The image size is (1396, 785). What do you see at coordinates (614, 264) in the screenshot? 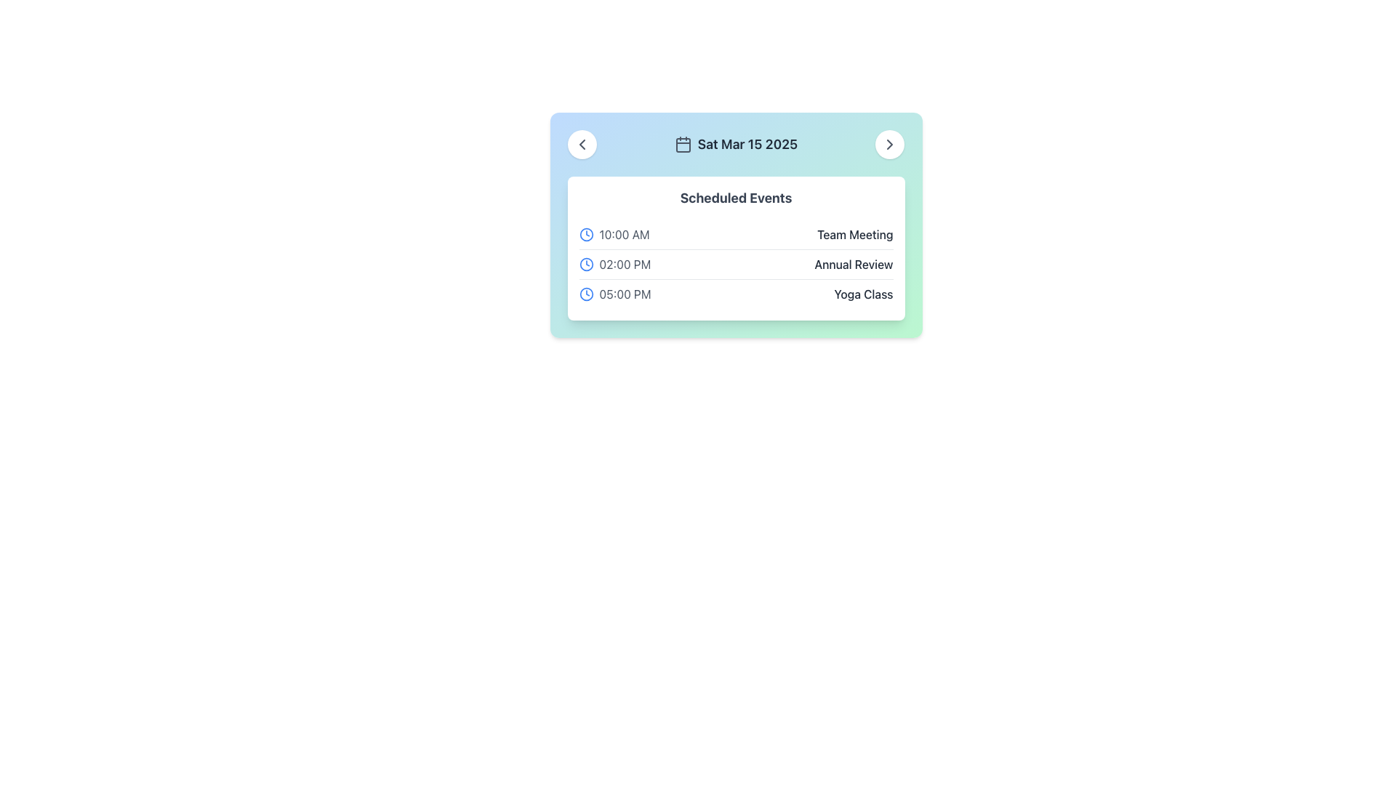
I see `time displayed on the text label showing '02:00 PM' for the 'Annual Review' event, located in the 'Scheduled Events' section, to the left of the 'Annual Review' text label` at bounding box center [614, 264].